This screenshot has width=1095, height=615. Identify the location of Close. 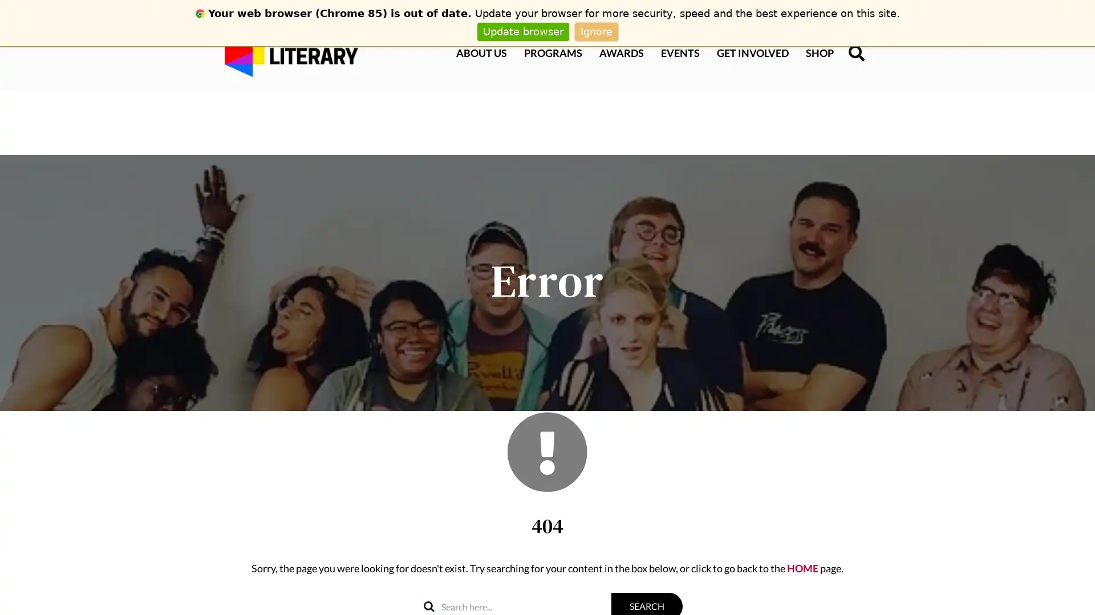
(1084, 426).